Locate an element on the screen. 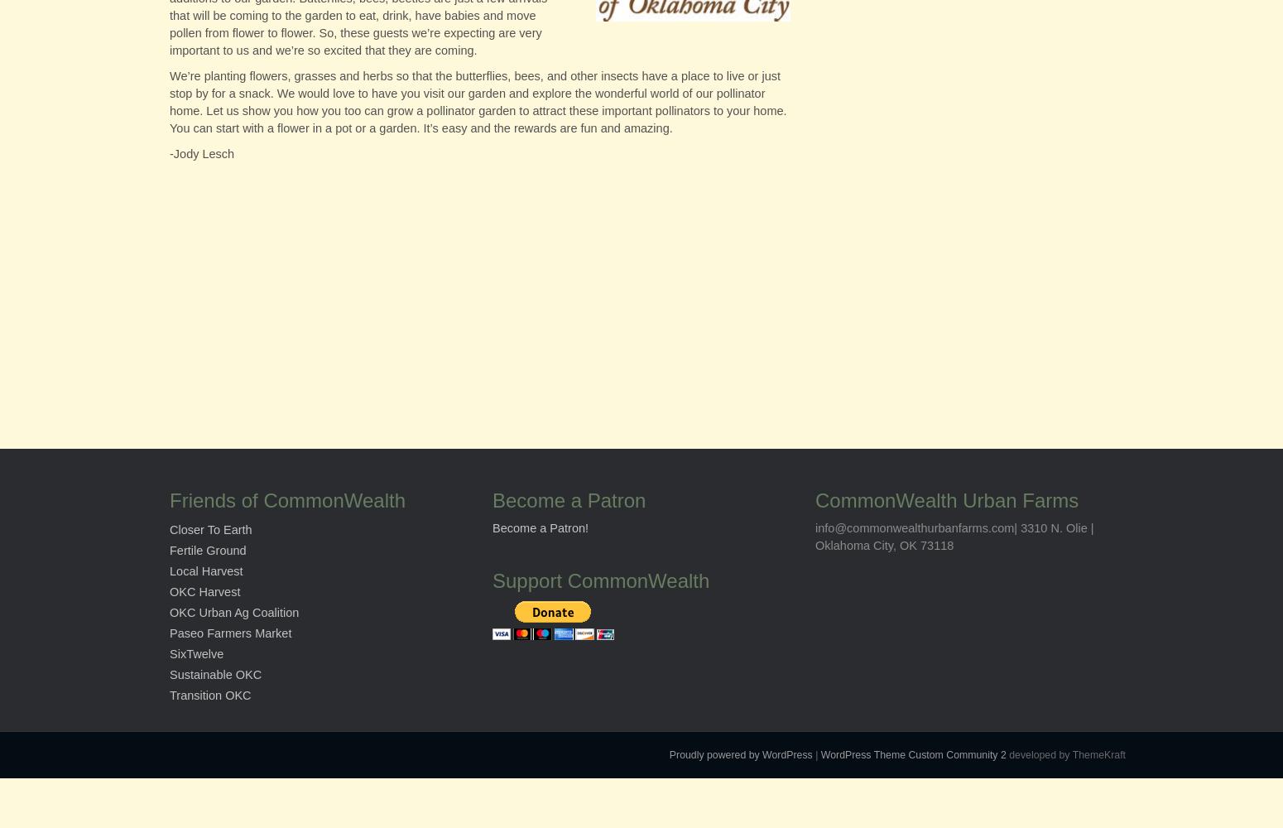  'Become a Patron' is located at coordinates (568, 499).